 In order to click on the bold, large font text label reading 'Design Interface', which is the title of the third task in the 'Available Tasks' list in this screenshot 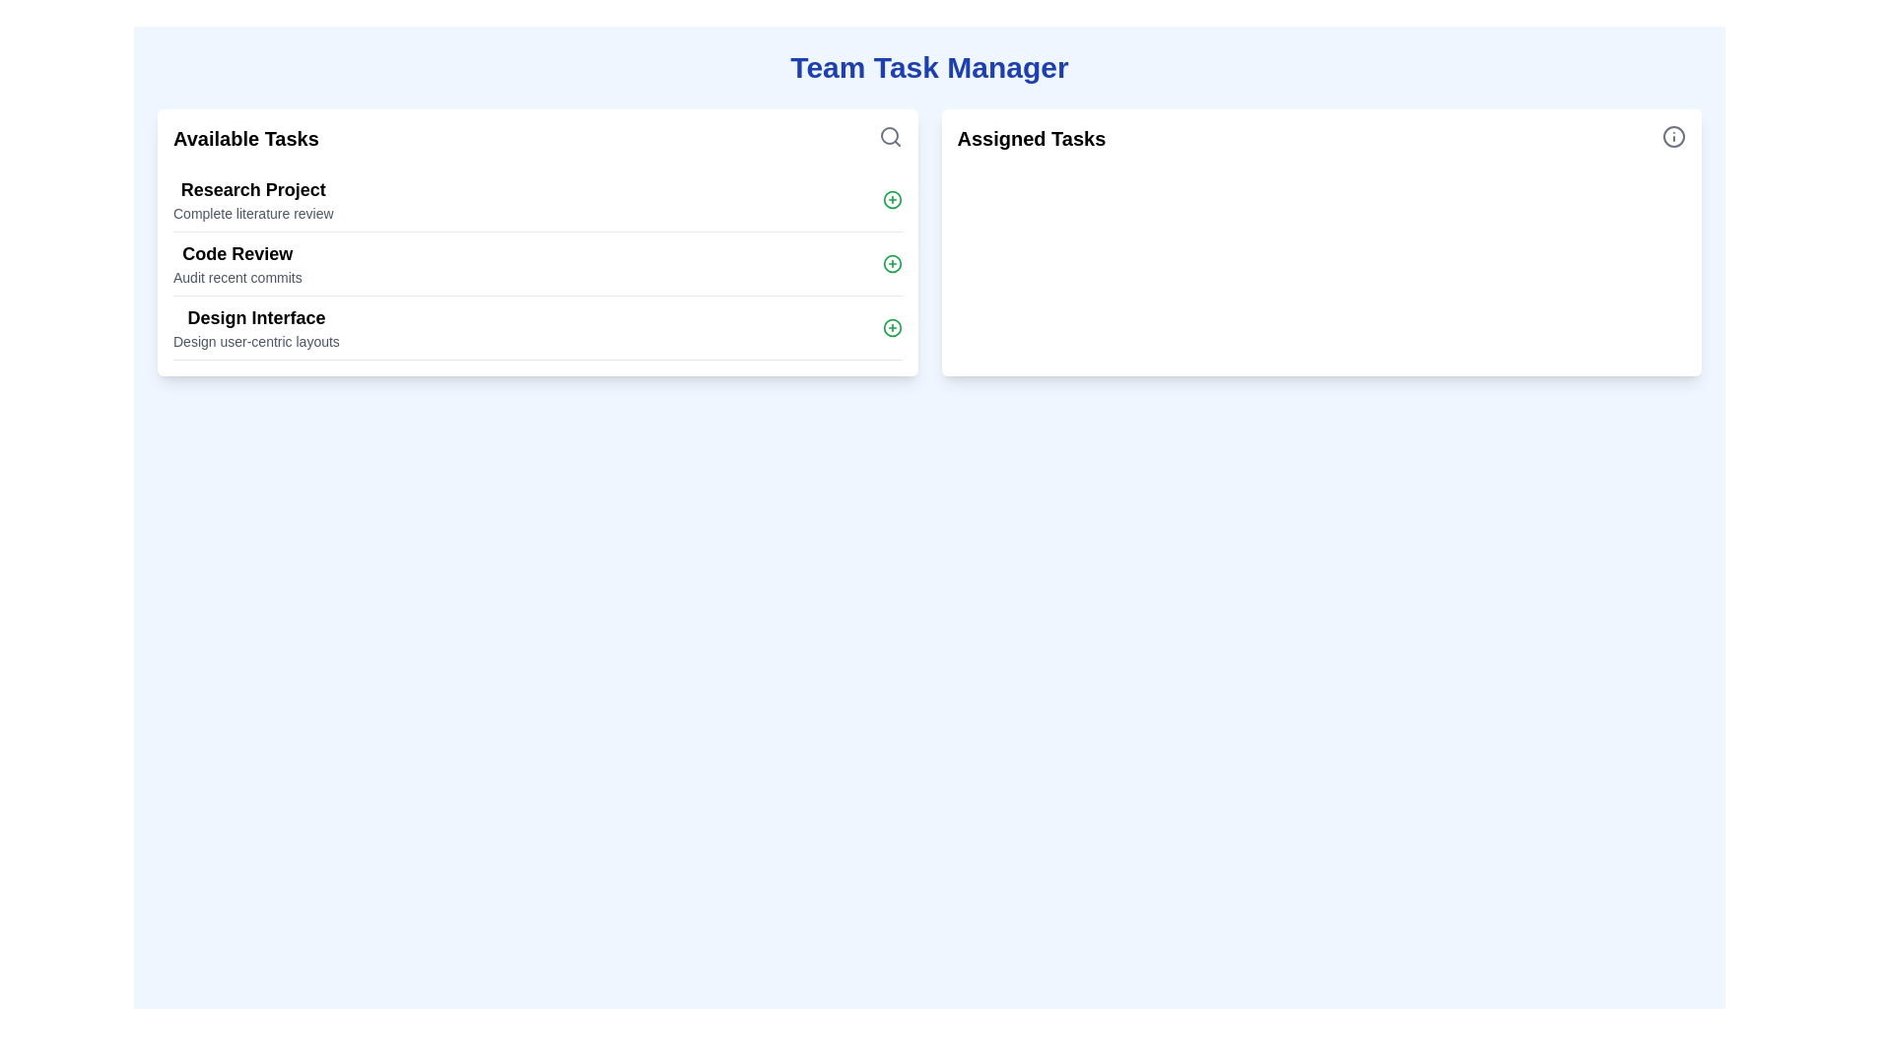, I will do `click(255, 317)`.